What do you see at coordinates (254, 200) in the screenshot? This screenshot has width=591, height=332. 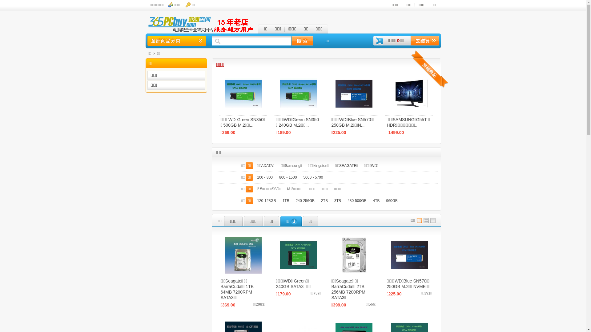 I see `'120-128GB'` at bounding box center [254, 200].